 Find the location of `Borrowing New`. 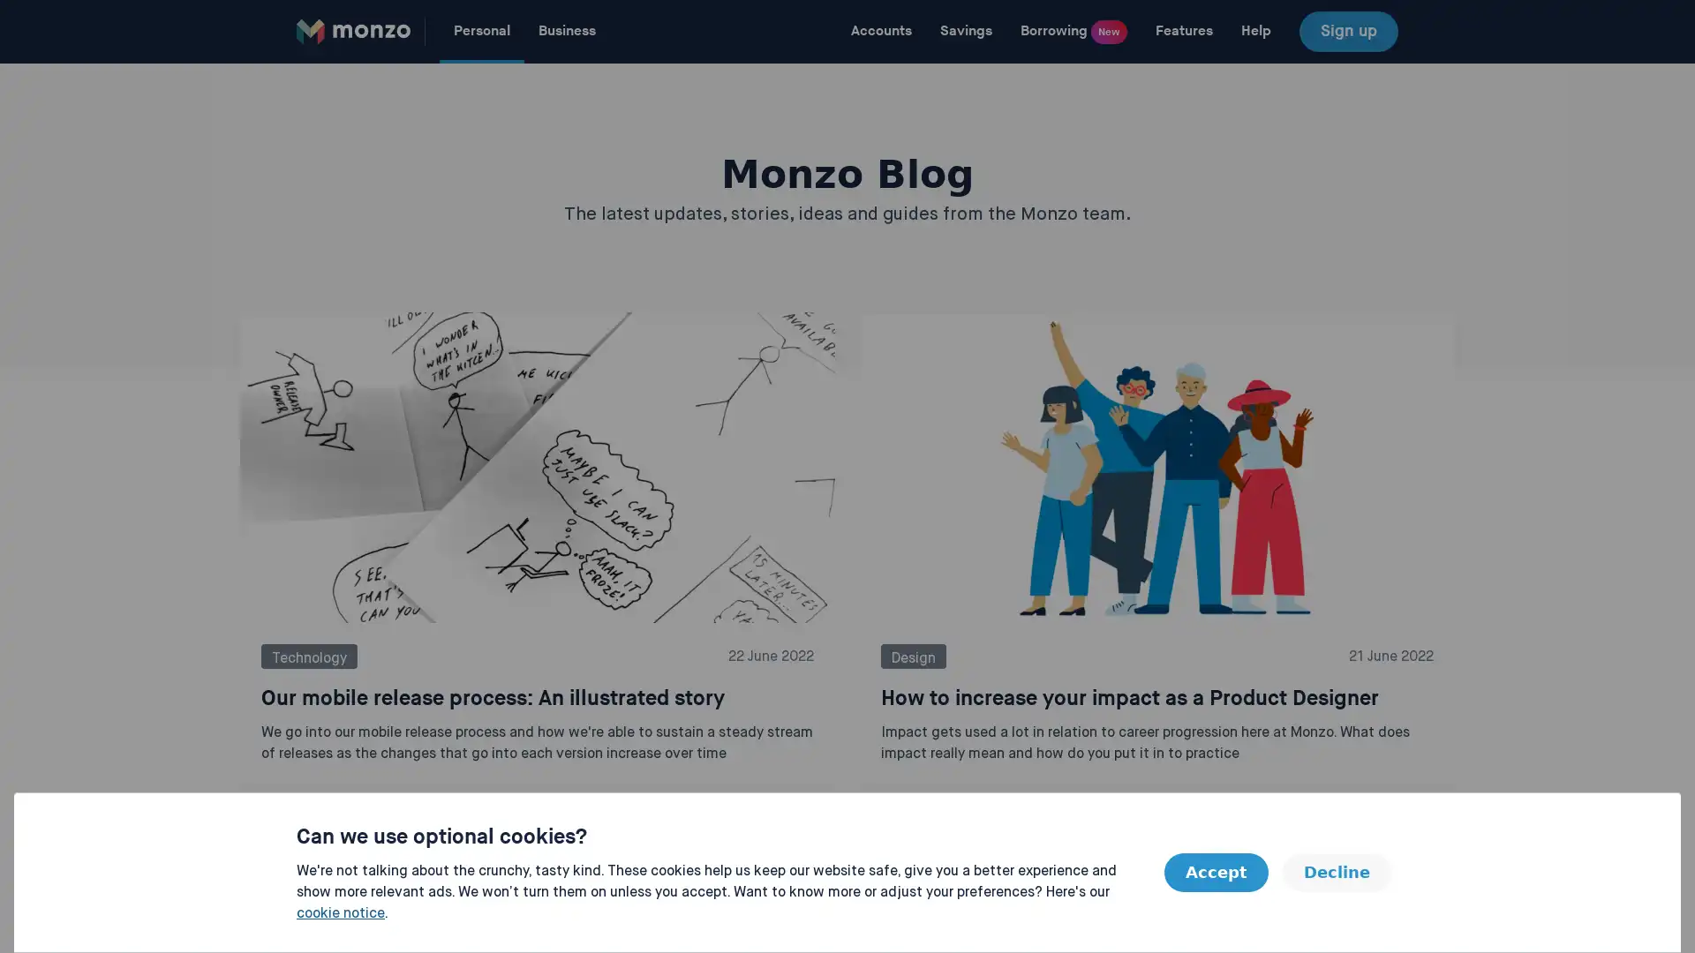

Borrowing New is located at coordinates (1073, 31).